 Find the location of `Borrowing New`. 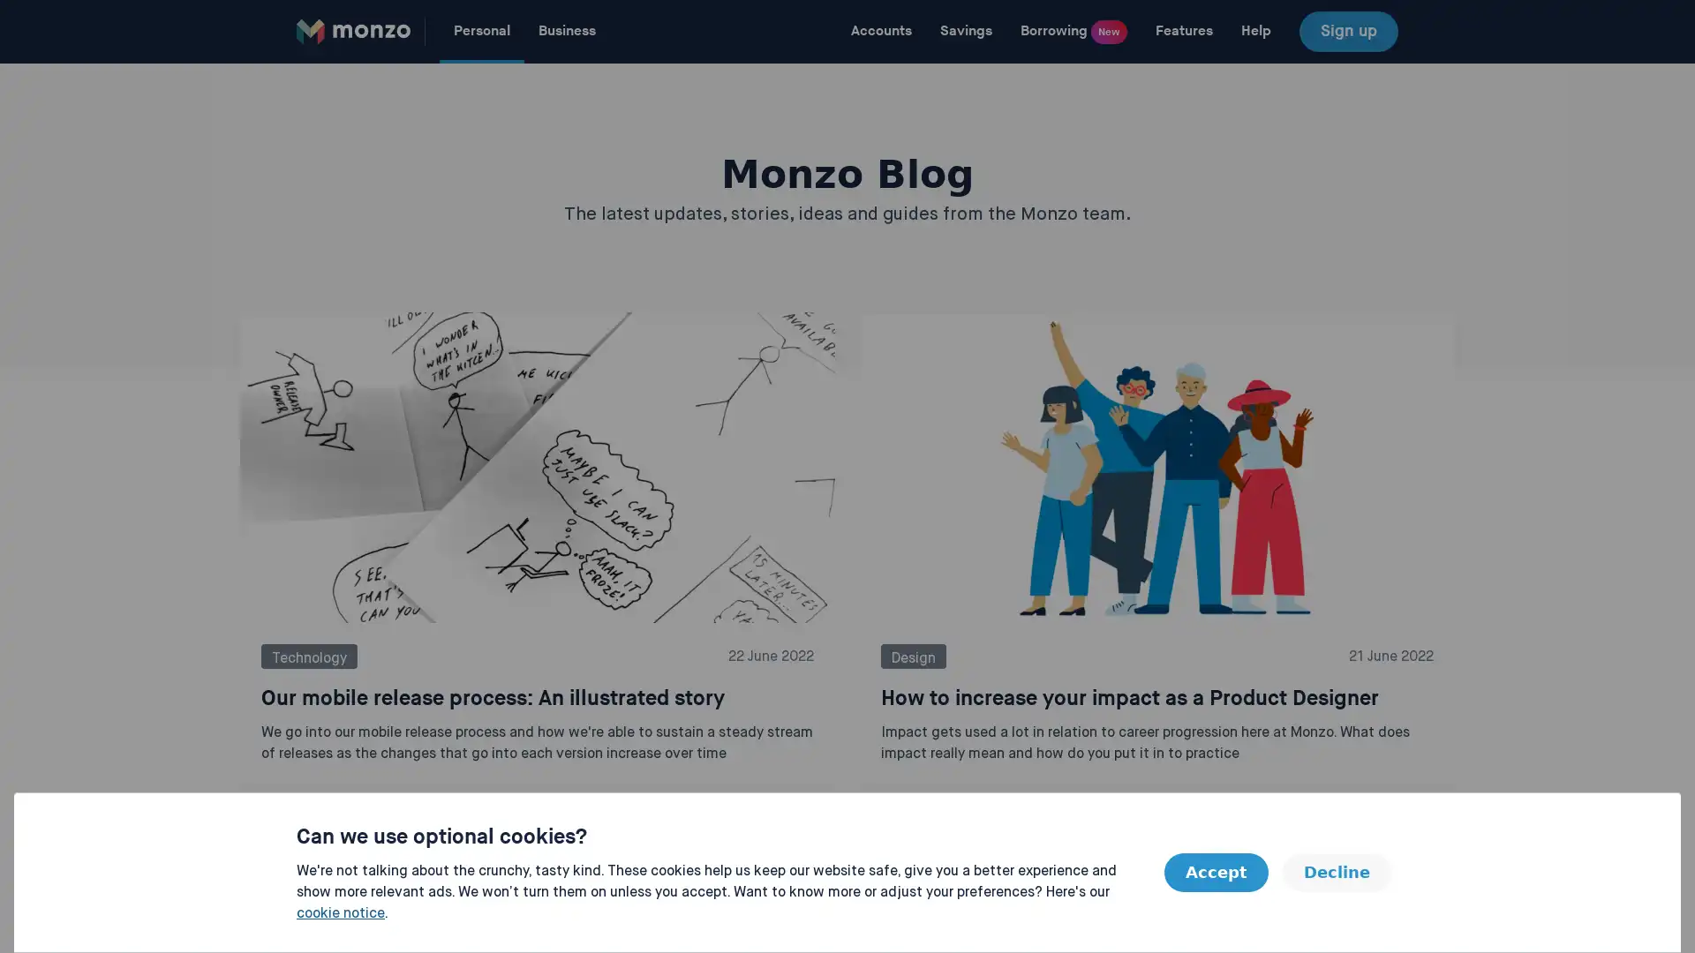

Borrowing New is located at coordinates (1073, 31).